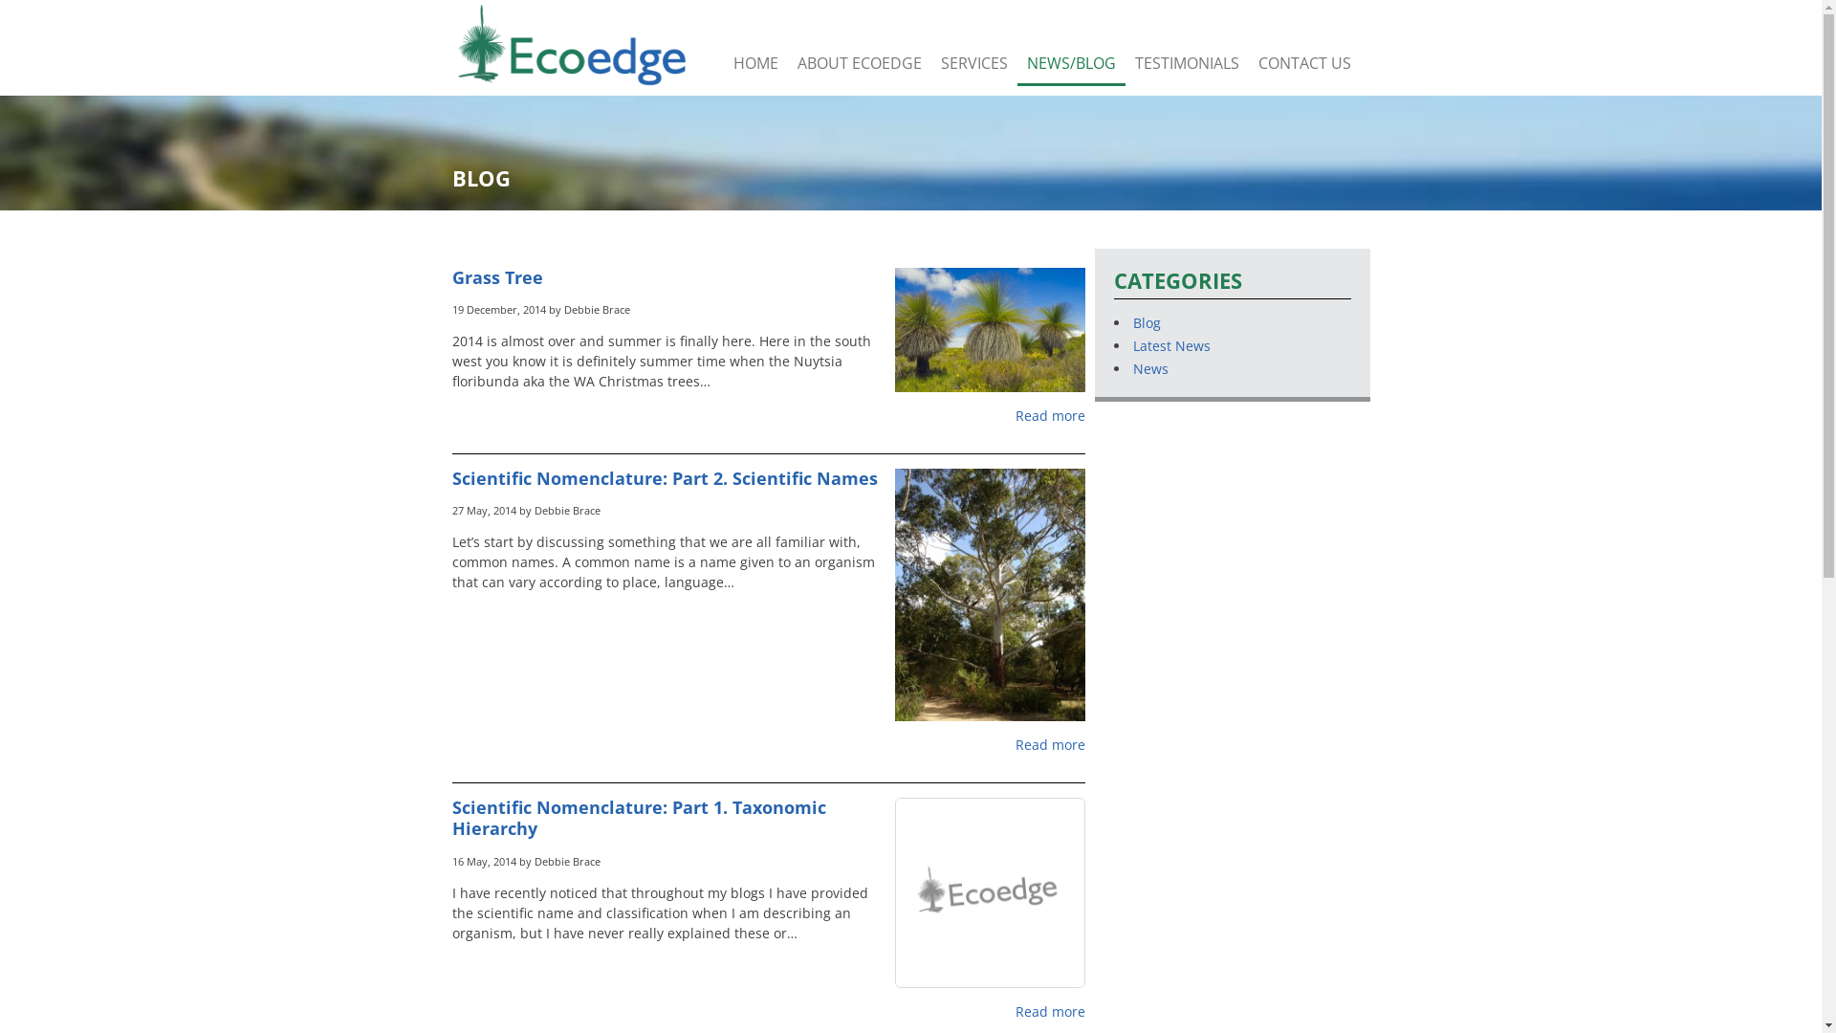 This screenshot has height=1033, width=1836. Describe the element at coordinates (973, 63) in the screenshot. I see `'SERVICES'` at that location.